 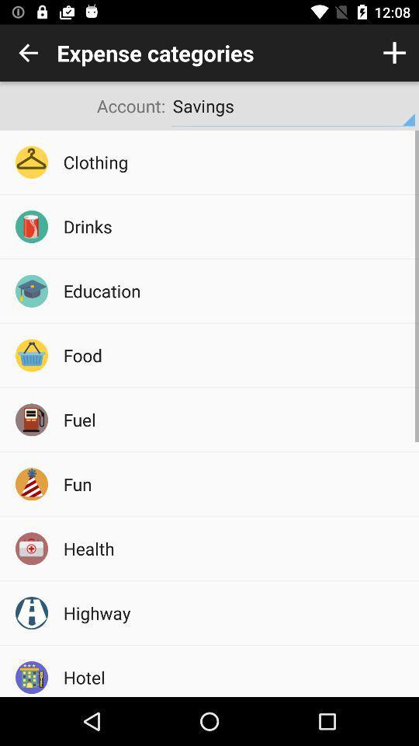 I want to click on the icon to the right of account:, so click(x=293, y=105).